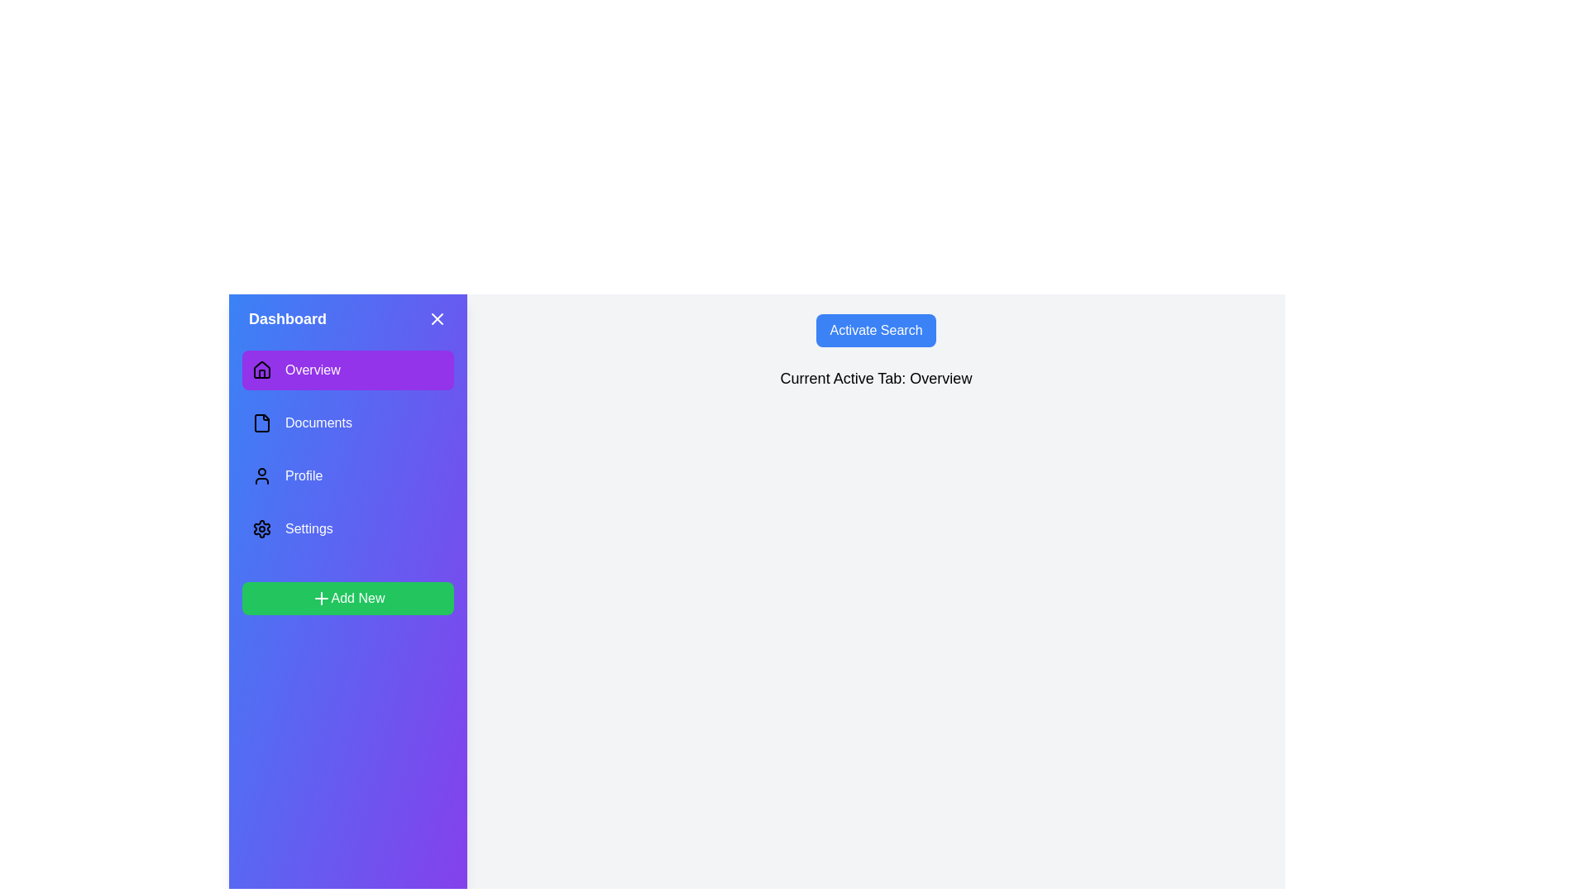 This screenshot has height=893, width=1588. I want to click on the 'Profile' text label located as the third item in the vertical menu list, so click(304, 475).